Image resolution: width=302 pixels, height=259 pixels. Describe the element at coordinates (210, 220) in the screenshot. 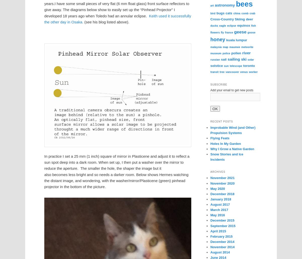

I see `'December 2015'` at that location.